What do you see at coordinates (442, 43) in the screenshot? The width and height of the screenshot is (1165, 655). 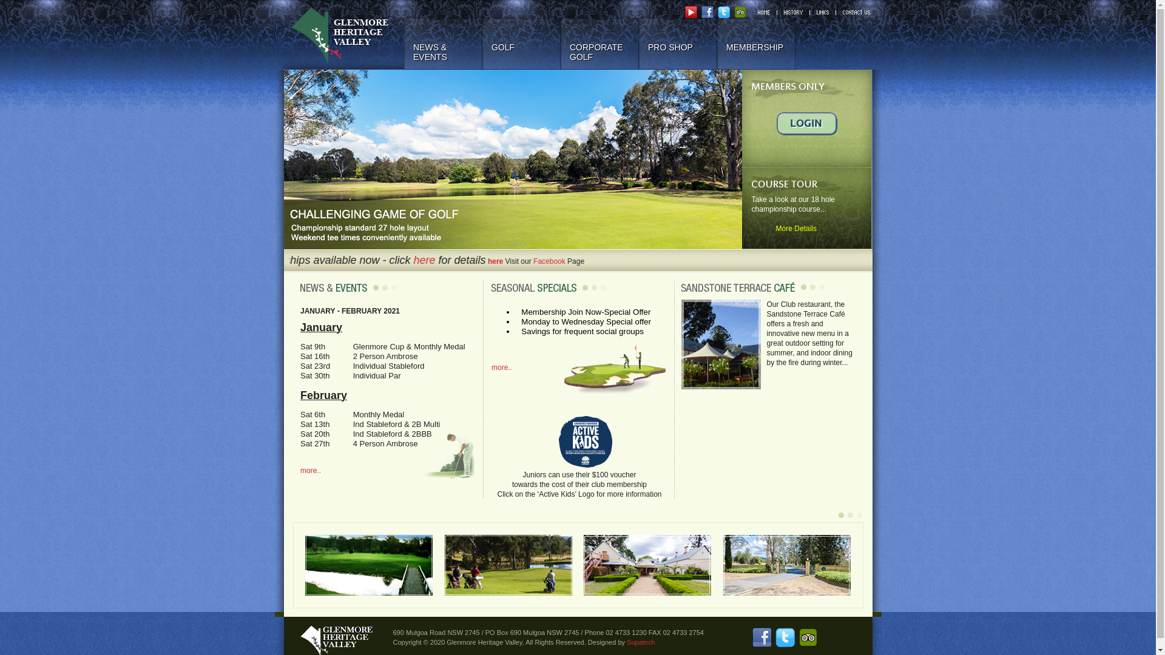 I see `'NEWS & EVENTS'` at bounding box center [442, 43].